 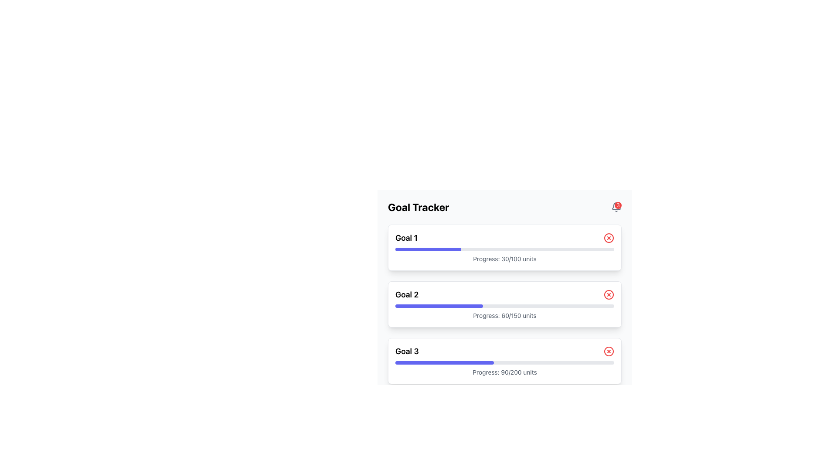 What do you see at coordinates (616, 207) in the screenshot?
I see `the notification badge displaying the count of unread alerts, which shows the number '3'` at bounding box center [616, 207].